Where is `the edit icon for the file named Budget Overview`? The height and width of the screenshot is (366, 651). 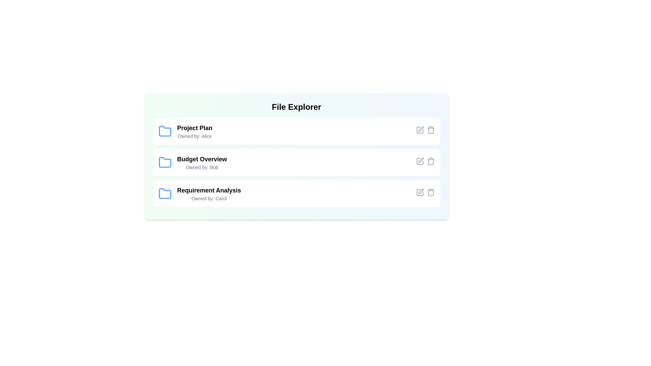 the edit icon for the file named Budget Overview is located at coordinates (419, 161).